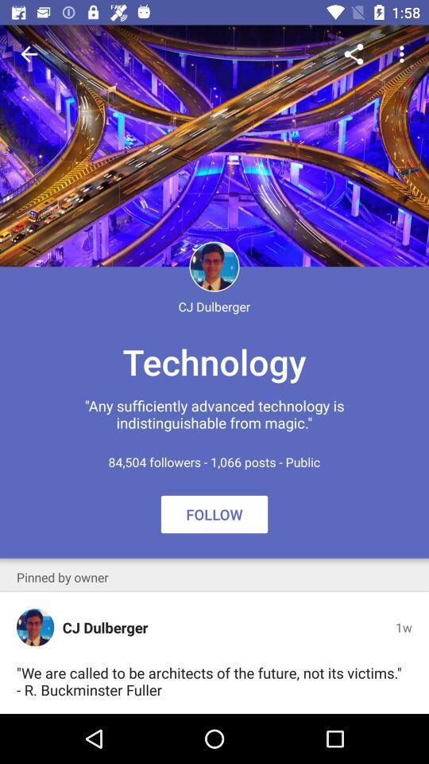 This screenshot has width=429, height=764. I want to click on the icon at the top left corner, so click(29, 54).